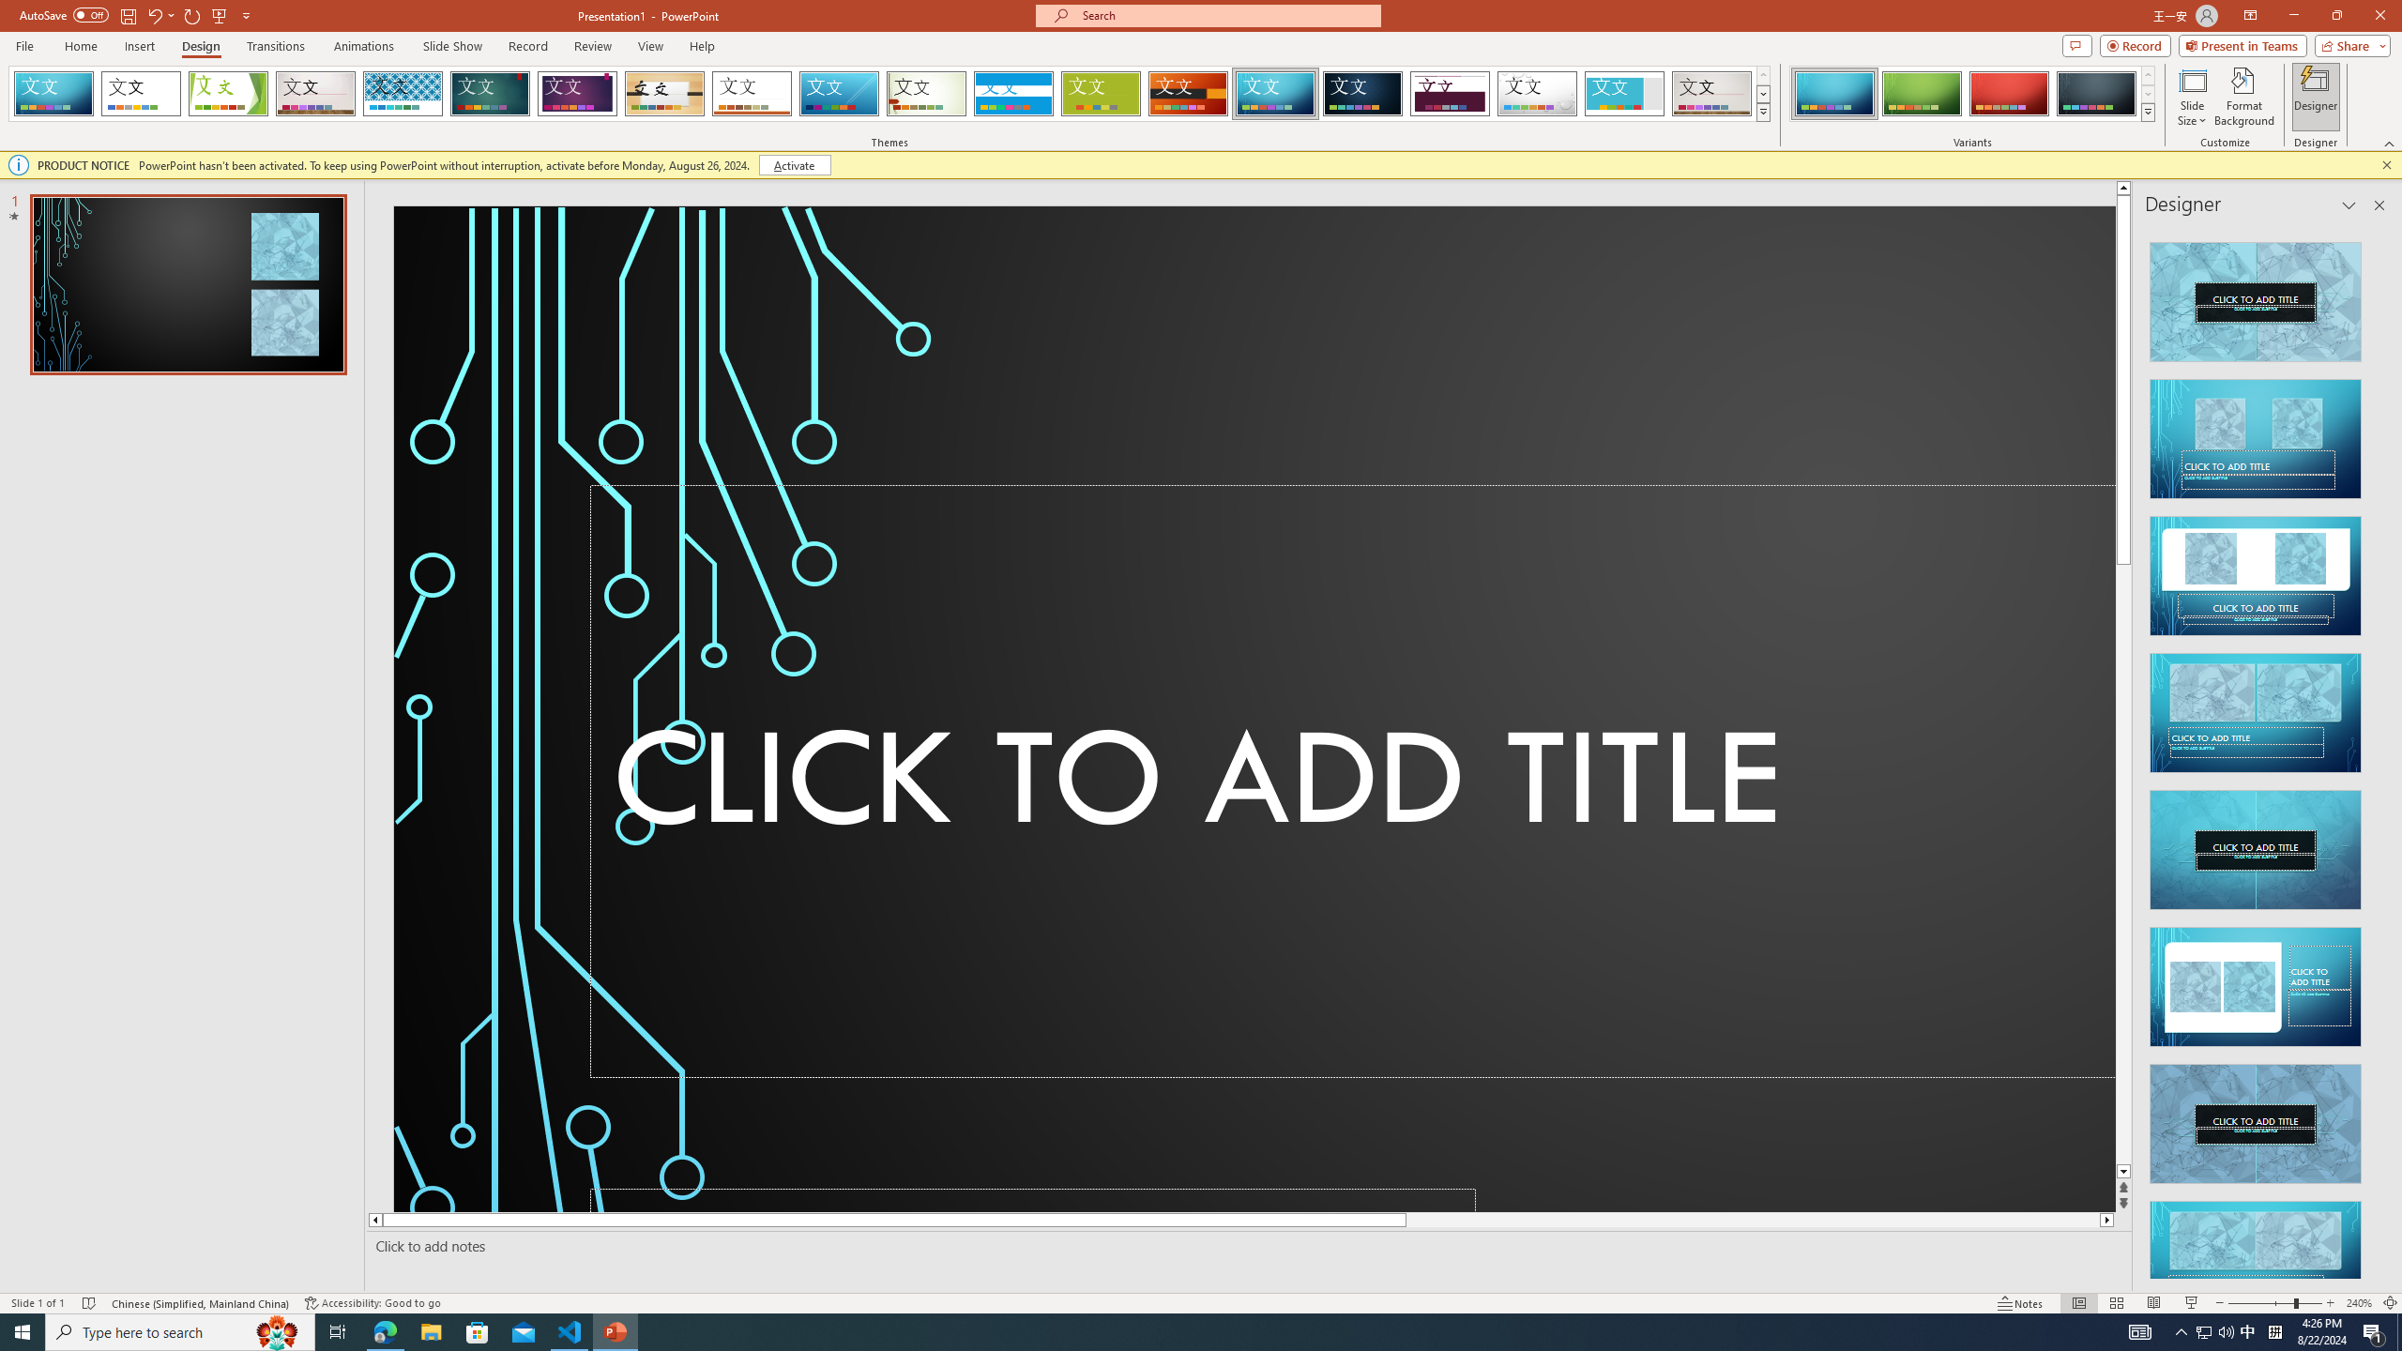 The height and width of the screenshot is (1351, 2402). What do you see at coordinates (373, 1303) in the screenshot?
I see `'Accessibility Checker Accessibility: Good to go'` at bounding box center [373, 1303].